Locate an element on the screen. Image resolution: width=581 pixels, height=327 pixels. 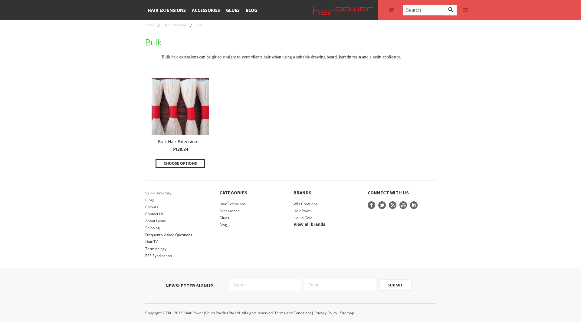
'Accessories' is located at coordinates (253, 210).